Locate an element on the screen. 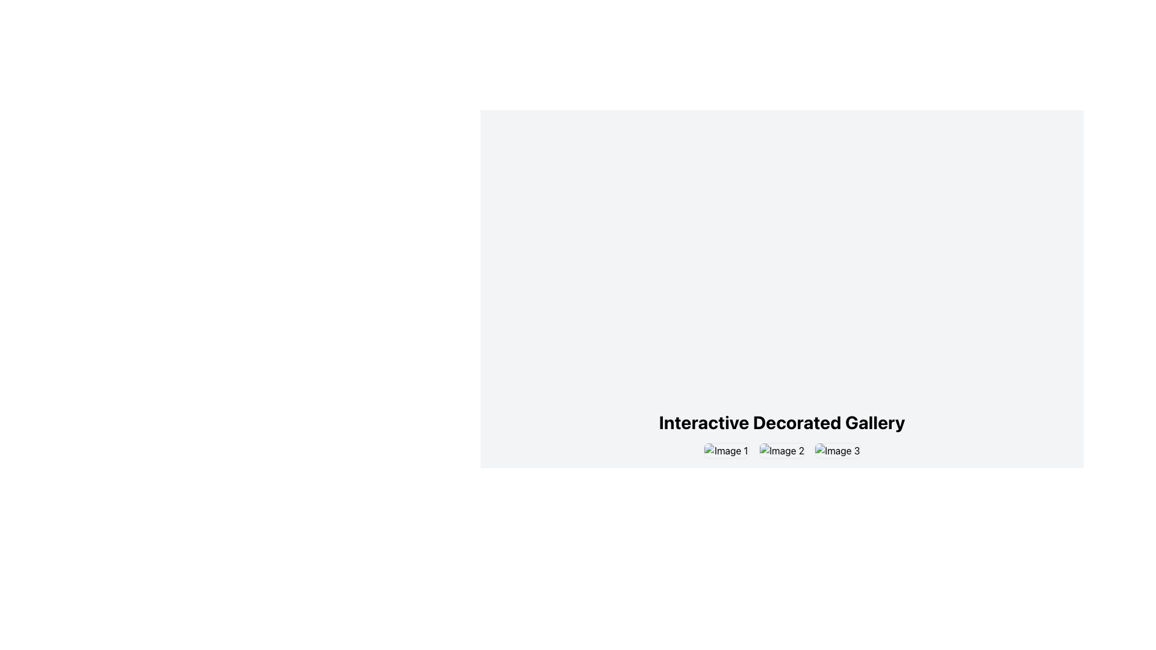 This screenshot has height=650, width=1156. the text label displaying 'Interactive Decorated Gallery', which is prominently styled in bold black text on a light gray background is located at coordinates (782, 422).